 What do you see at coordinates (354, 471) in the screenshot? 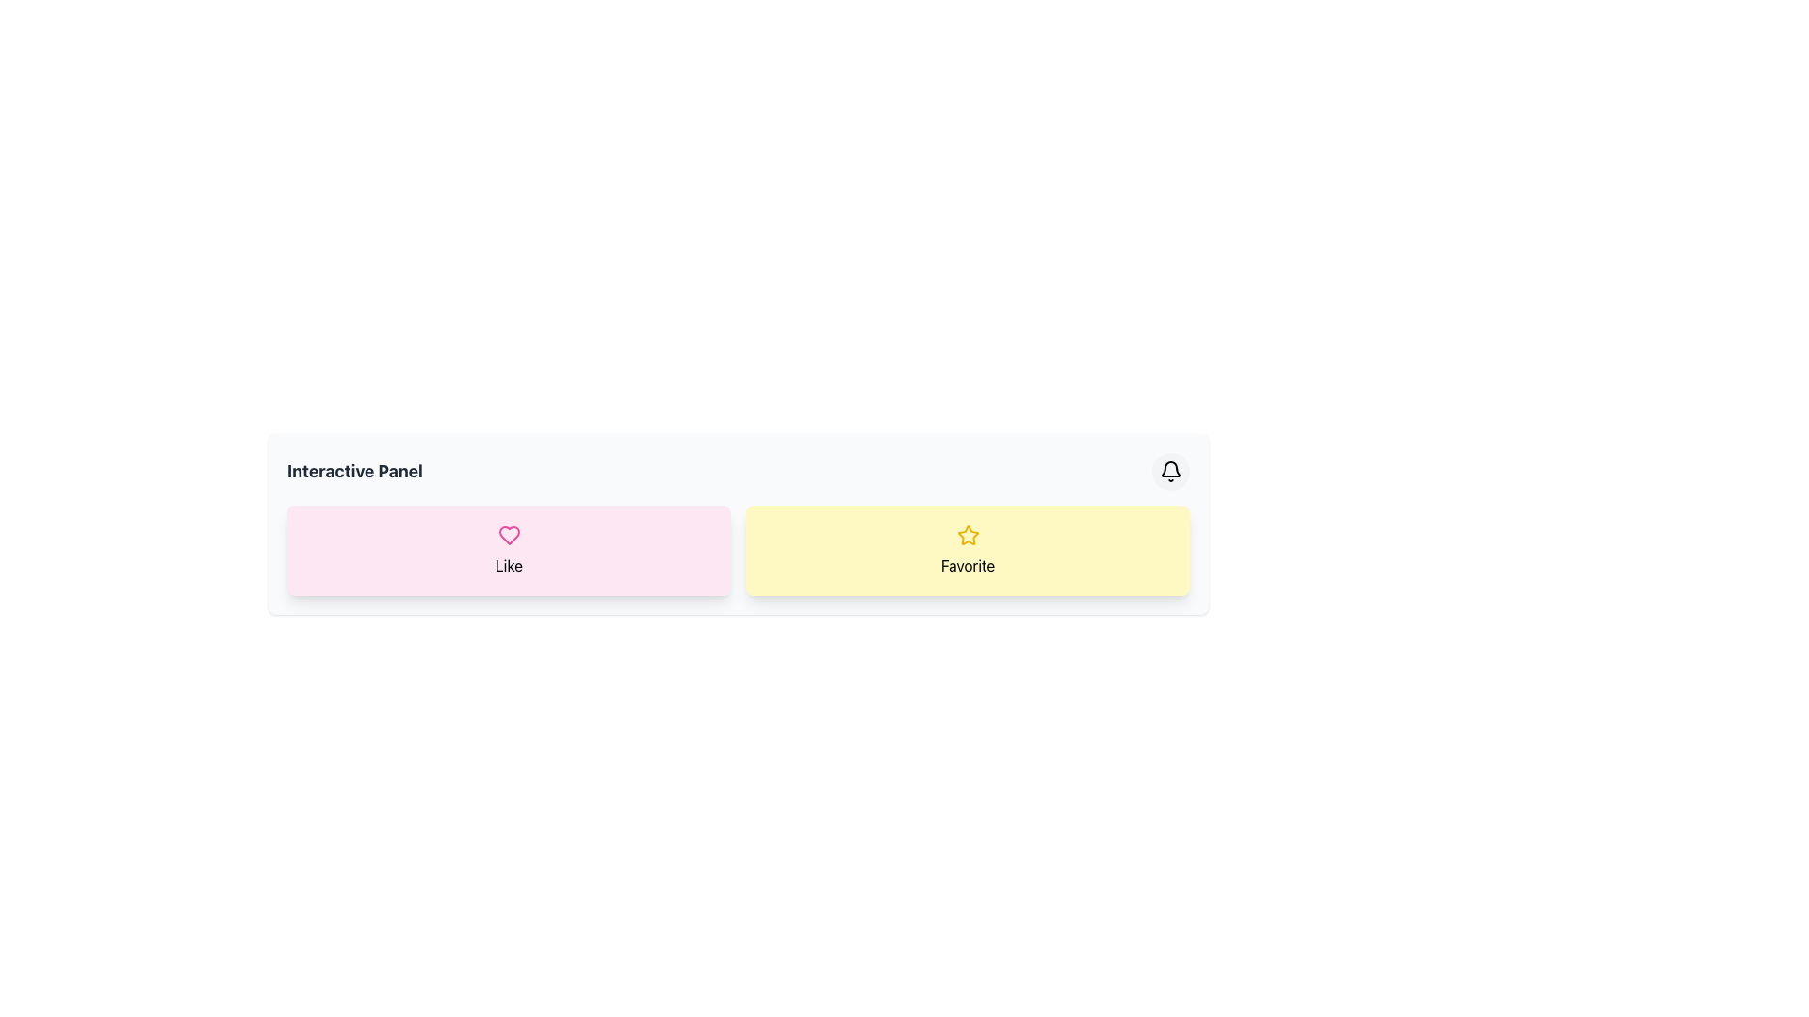
I see `text from the 'Interactive Panel' text label, which is styled with a bold font and dark gray color, located at the specified coordinates` at bounding box center [354, 471].